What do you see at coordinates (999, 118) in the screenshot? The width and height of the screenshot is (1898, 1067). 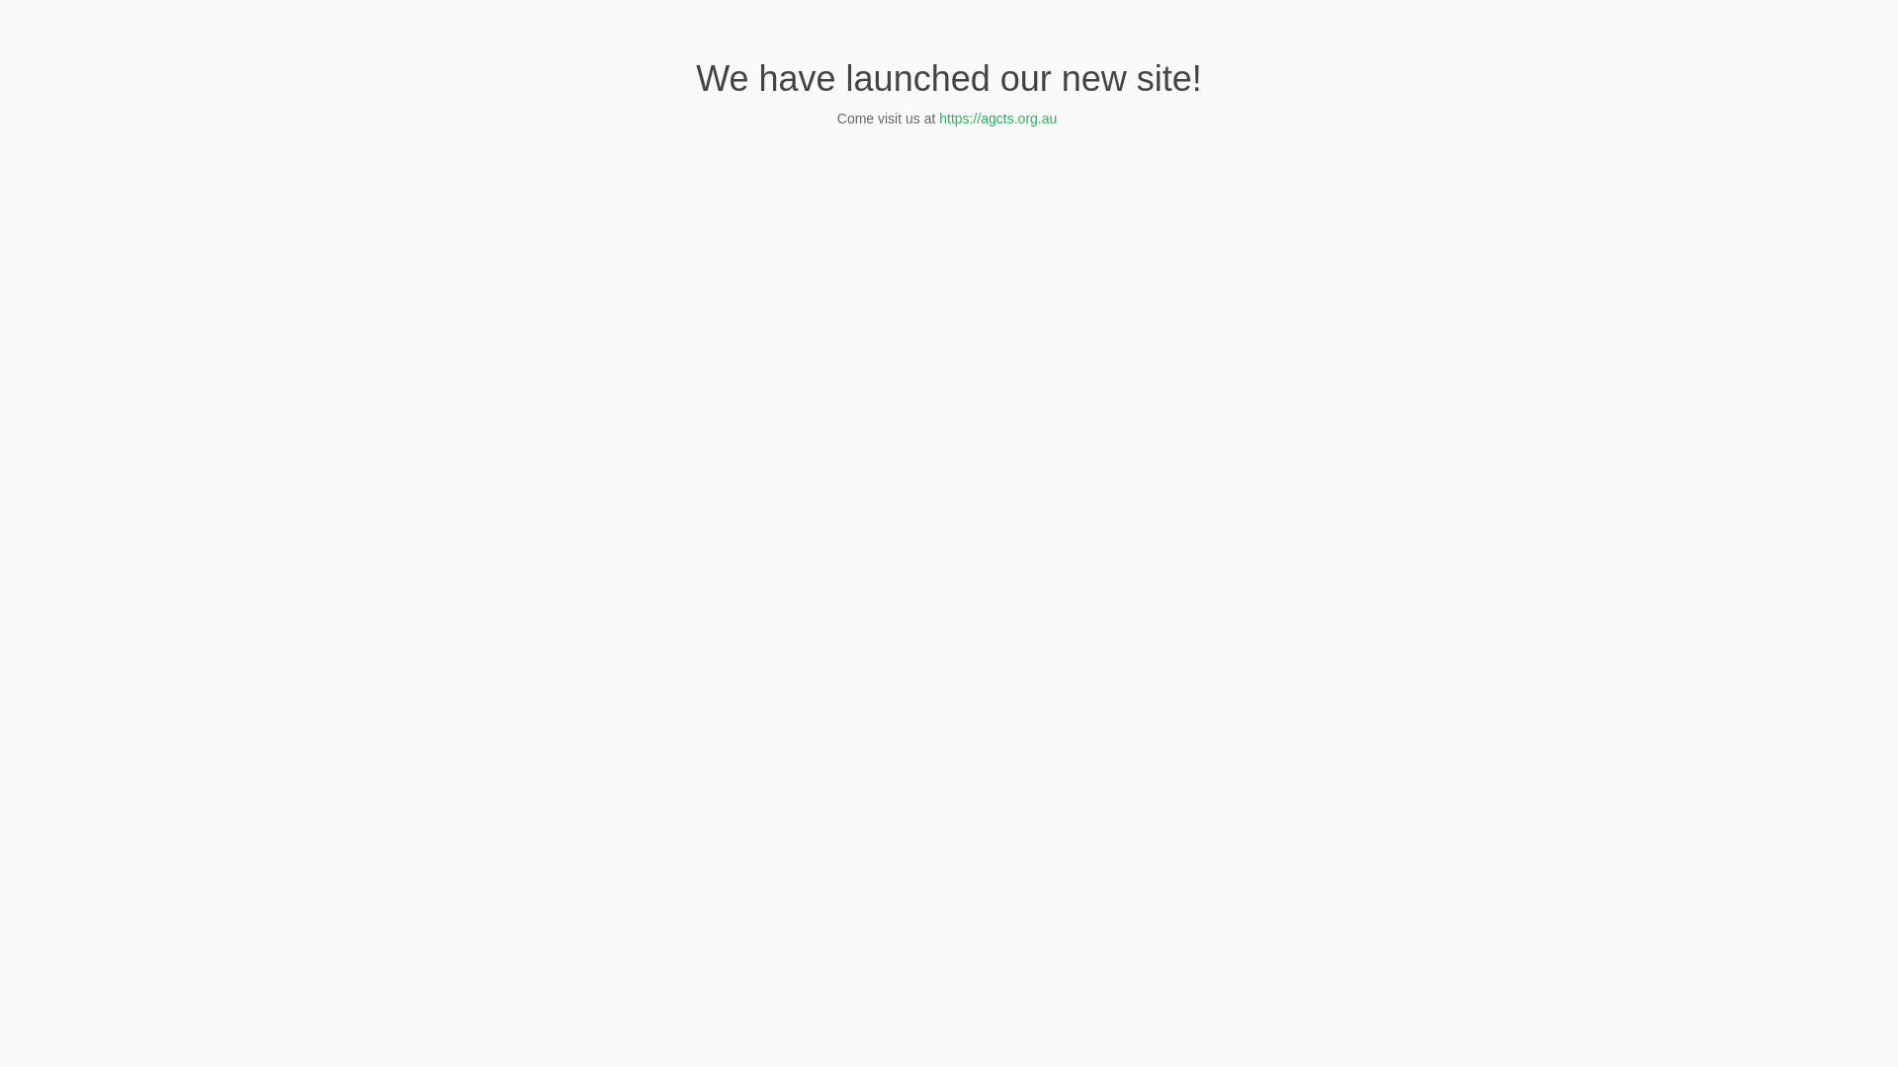 I see `'https://agcts.org.au '` at bounding box center [999, 118].